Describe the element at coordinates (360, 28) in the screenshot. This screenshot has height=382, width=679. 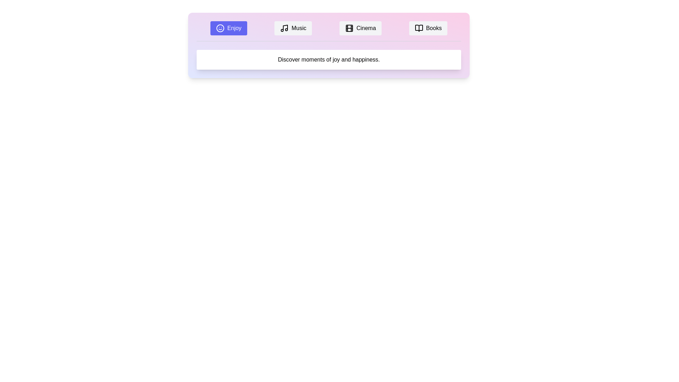
I see `the tab labeled Cinema to select it` at that location.